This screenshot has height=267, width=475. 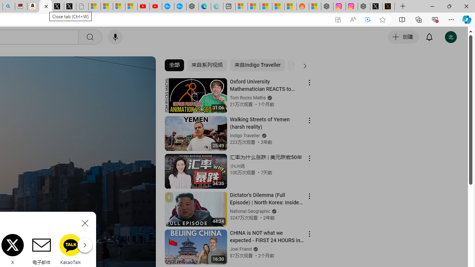 What do you see at coordinates (71, 249) in the screenshot?
I see `'KakaoTalk'` at bounding box center [71, 249].